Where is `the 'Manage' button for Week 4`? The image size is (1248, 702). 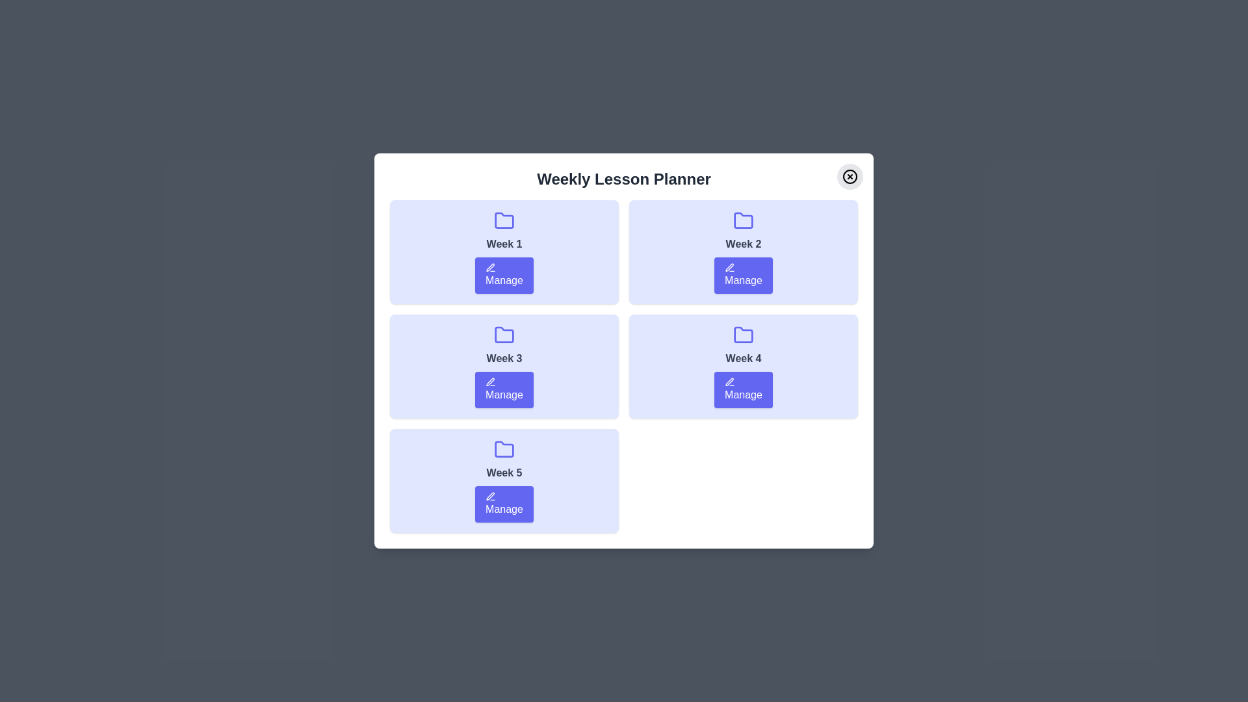 the 'Manage' button for Week 4 is located at coordinates (743, 389).